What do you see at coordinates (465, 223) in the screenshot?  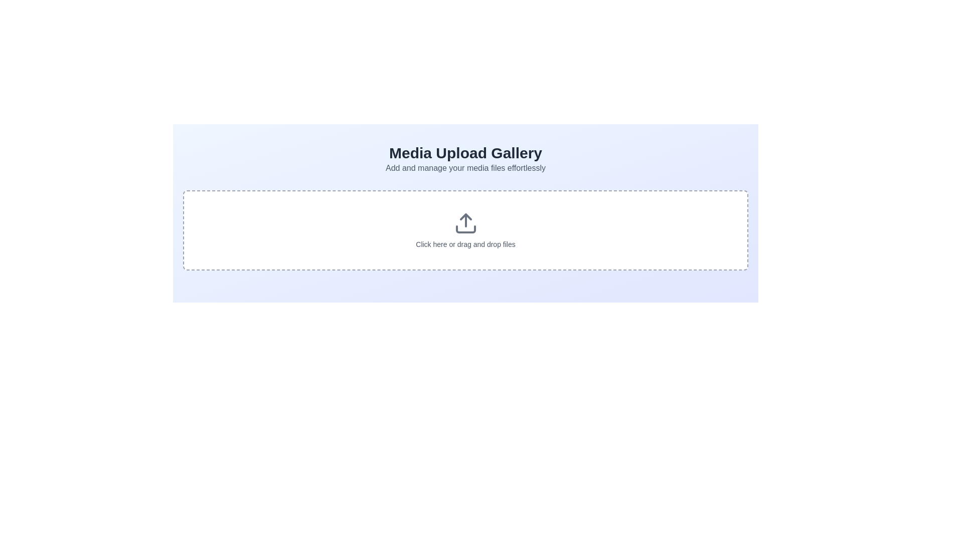 I see `the upload icon, which features an upward arrow and is styled in gray, located centrally in a bordered box with the text 'Click here or drag and drop files' below it` at bounding box center [465, 223].